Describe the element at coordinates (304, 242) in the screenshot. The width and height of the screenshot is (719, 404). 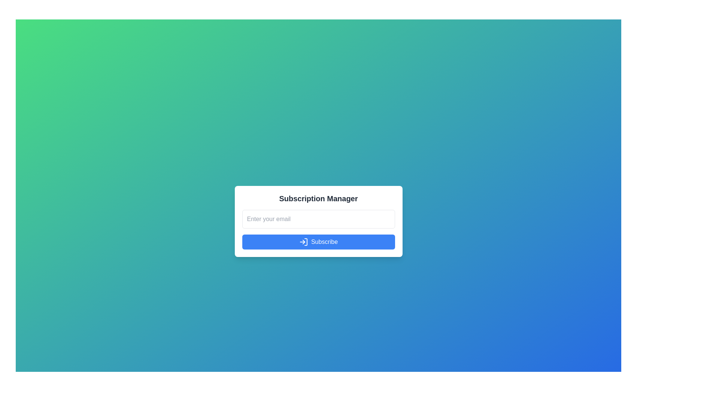
I see `the icon located inside the 'Subscribe' button, positioned to the left of the text` at that location.